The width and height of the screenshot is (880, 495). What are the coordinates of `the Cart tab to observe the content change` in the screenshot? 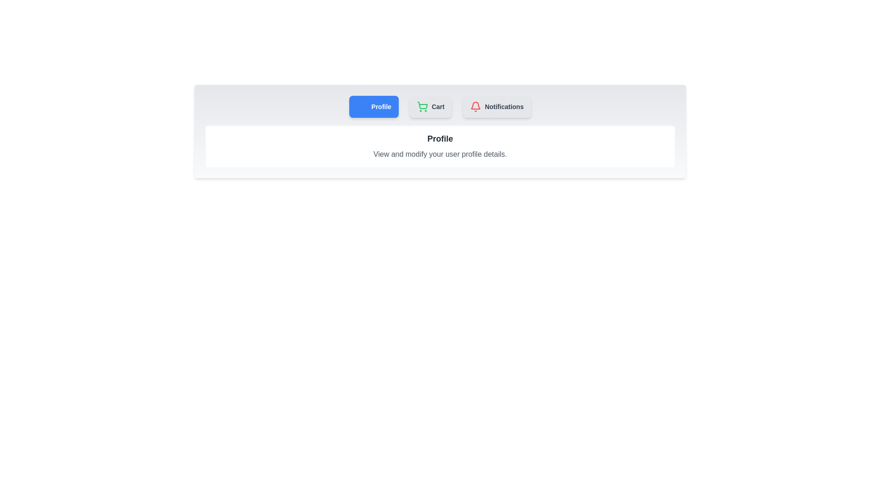 It's located at (430, 106).